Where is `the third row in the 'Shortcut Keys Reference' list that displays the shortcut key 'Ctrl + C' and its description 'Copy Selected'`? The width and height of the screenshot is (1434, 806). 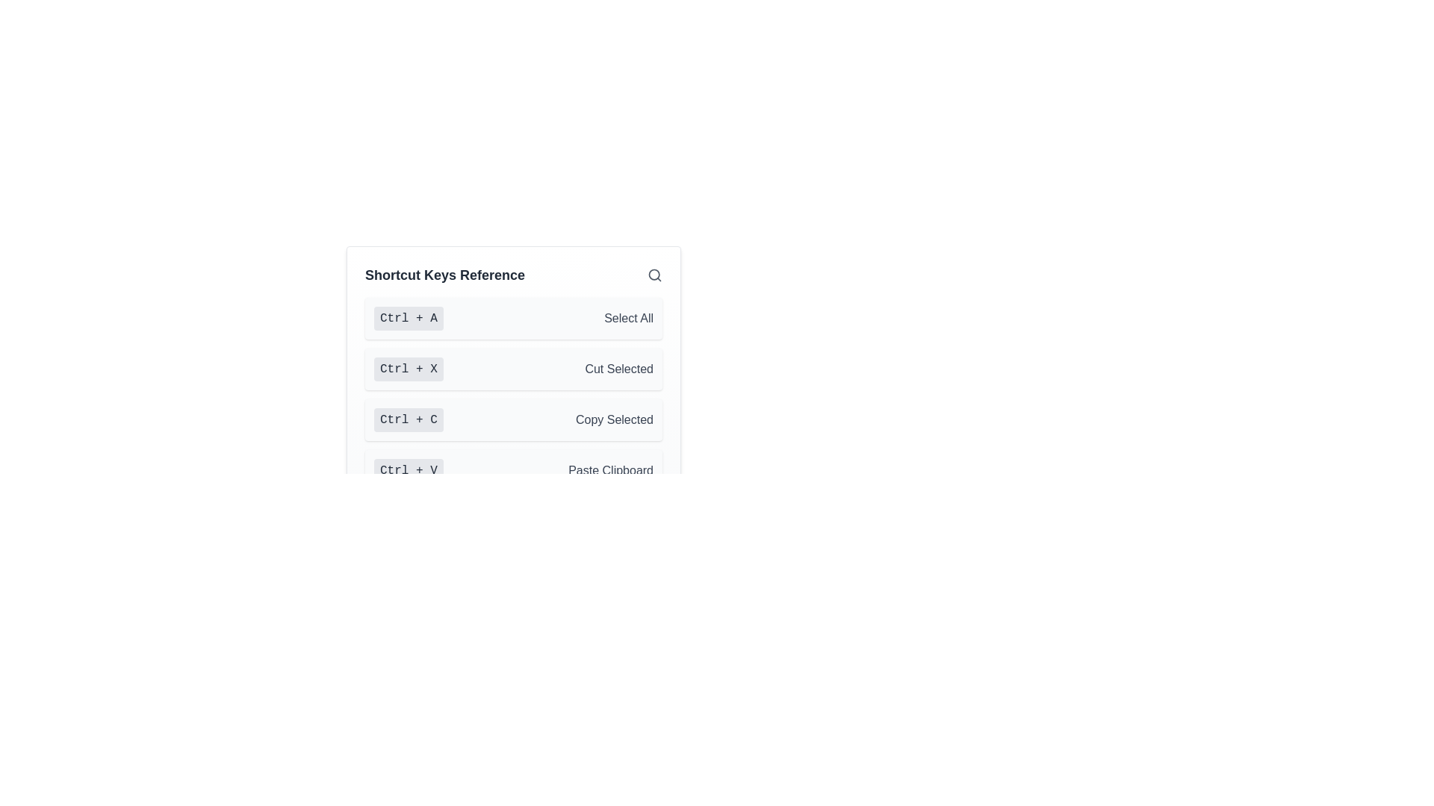 the third row in the 'Shortcut Keys Reference' list that displays the shortcut key 'Ctrl + C' and its description 'Copy Selected' is located at coordinates (513, 420).